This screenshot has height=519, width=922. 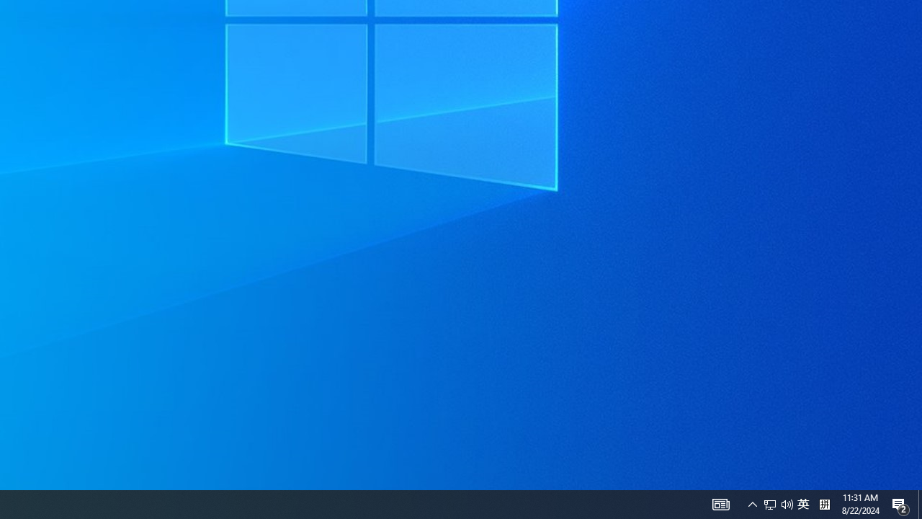 I want to click on 'Q2790: 100%', so click(x=787, y=503).